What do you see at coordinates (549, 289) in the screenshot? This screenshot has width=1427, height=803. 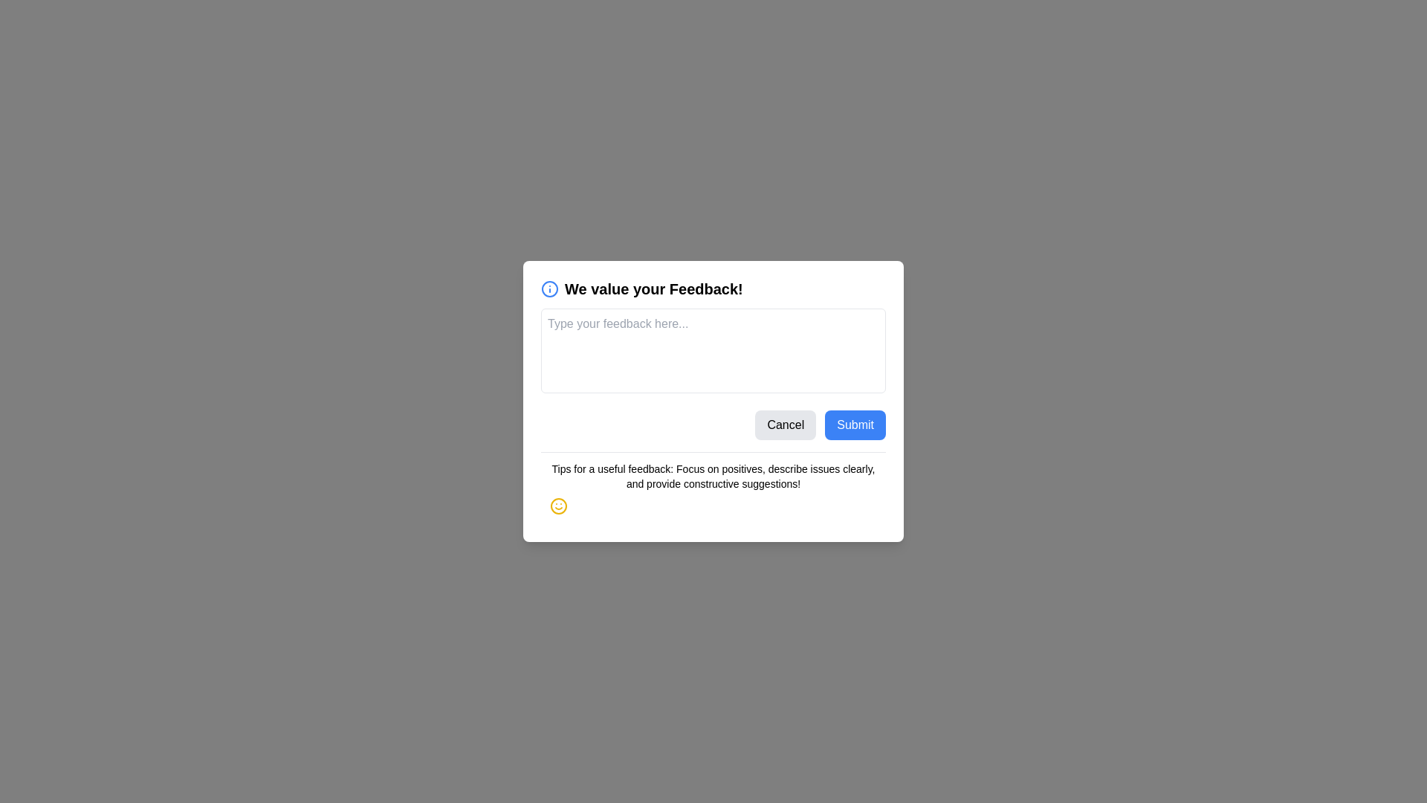 I see `the informational icon next to the title` at bounding box center [549, 289].